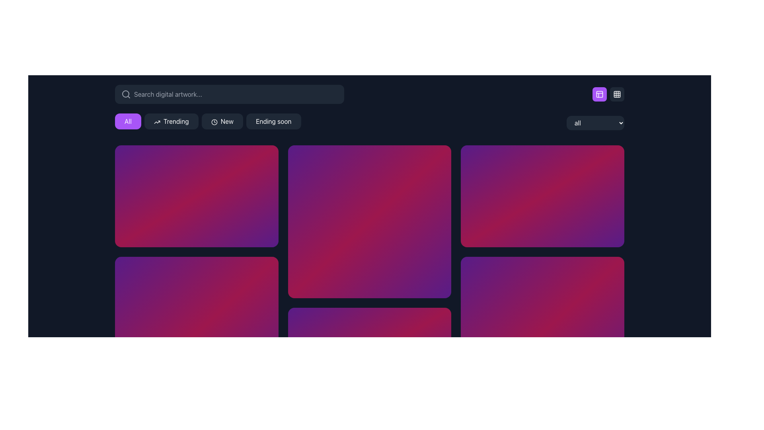 The width and height of the screenshot is (764, 430). Describe the element at coordinates (128, 121) in the screenshot. I see `the leftmost button labeled 'All'` at that location.